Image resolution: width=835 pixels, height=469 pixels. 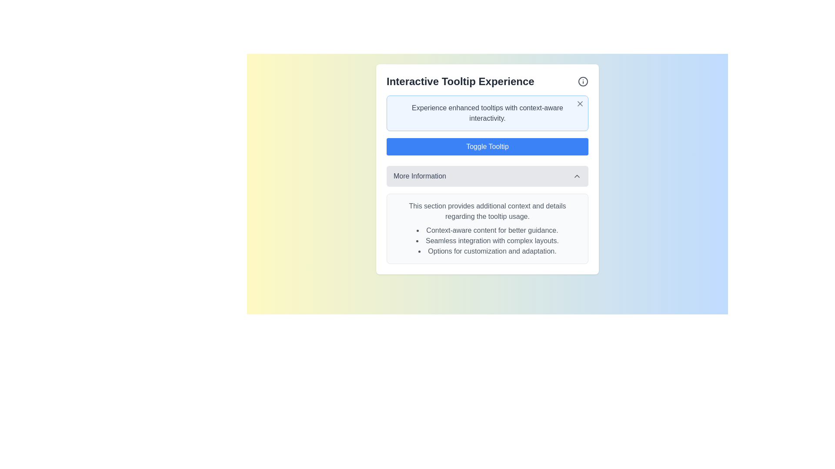 What do you see at coordinates (577, 176) in the screenshot?
I see `the toggle button (icon-based) located to the right of the 'More Information' label` at bounding box center [577, 176].